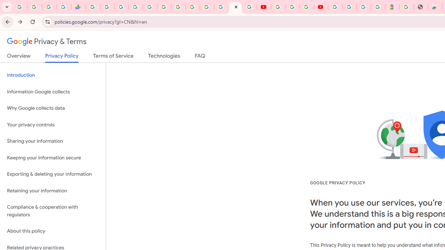 The width and height of the screenshot is (445, 250). Describe the element at coordinates (164, 57) in the screenshot. I see `'Technologies'` at that location.